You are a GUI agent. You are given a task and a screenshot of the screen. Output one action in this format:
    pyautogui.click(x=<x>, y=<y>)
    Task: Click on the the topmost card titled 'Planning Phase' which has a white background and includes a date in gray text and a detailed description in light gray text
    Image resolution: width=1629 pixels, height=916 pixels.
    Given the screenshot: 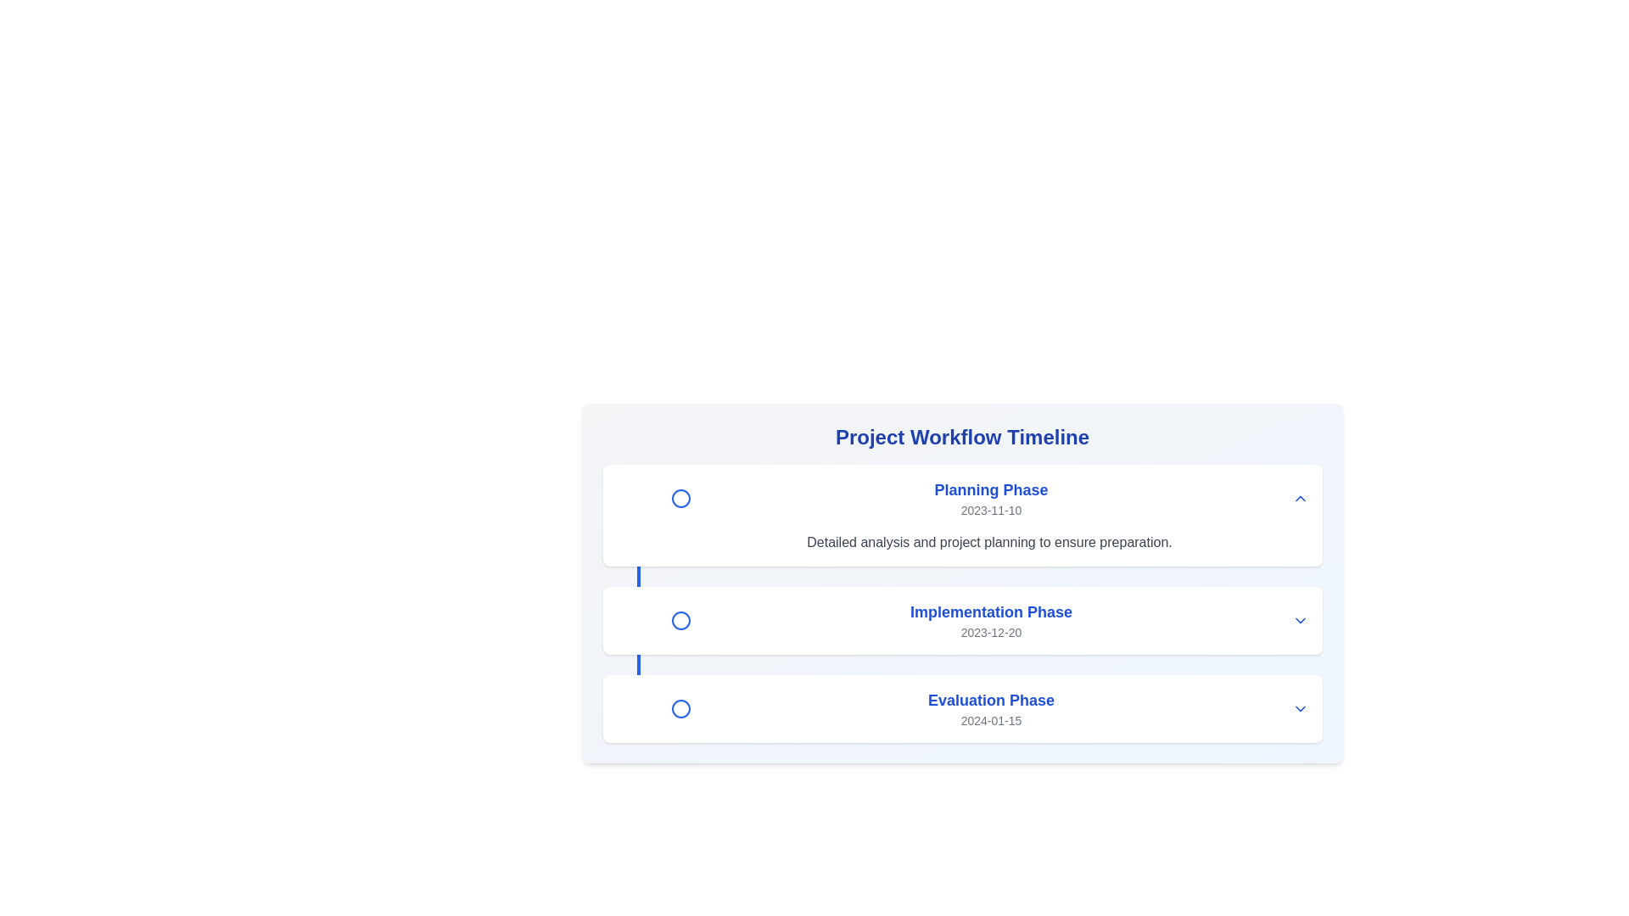 What is the action you would take?
    pyautogui.click(x=962, y=515)
    